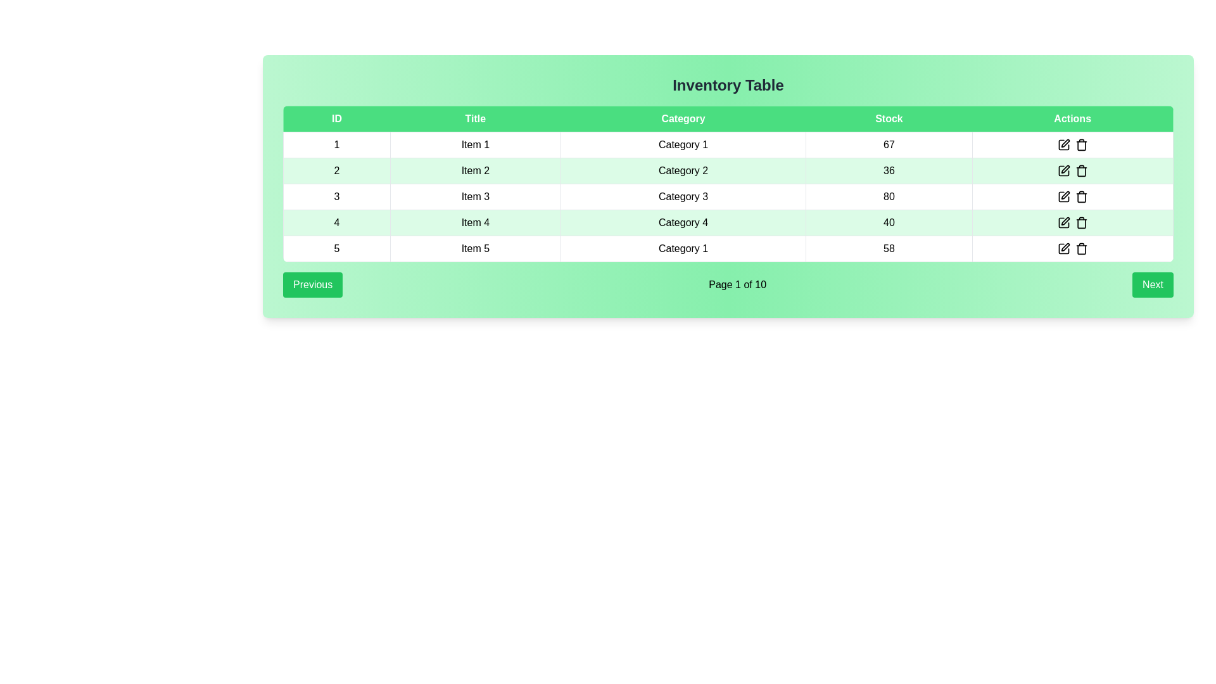 Image resolution: width=1216 pixels, height=684 pixels. Describe the element at coordinates (1064, 249) in the screenshot. I see `the editing icon located in the 'Actions' column of the fifth table row` at that location.